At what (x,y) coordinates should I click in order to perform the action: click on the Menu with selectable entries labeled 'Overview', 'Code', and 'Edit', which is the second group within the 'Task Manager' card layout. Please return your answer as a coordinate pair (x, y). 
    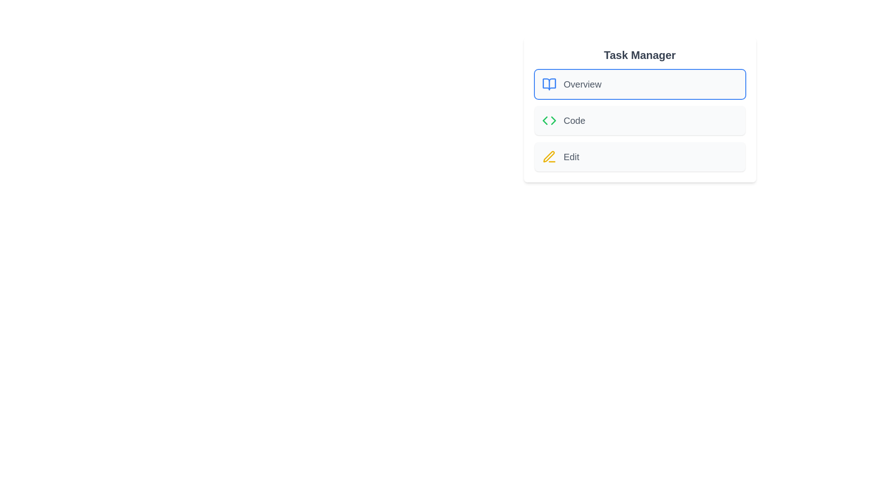
    Looking at the image, I should click on (639, 120).